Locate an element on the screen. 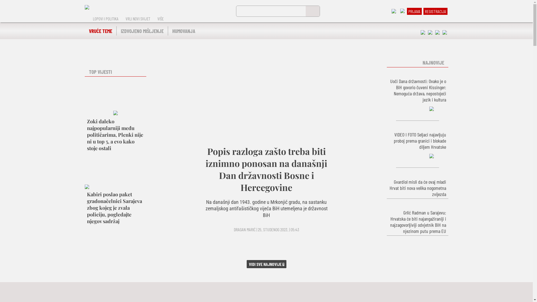 The width and height of the screenshot is (537, 302). 'PRIJAVA' is located at coordinates (414, 11).